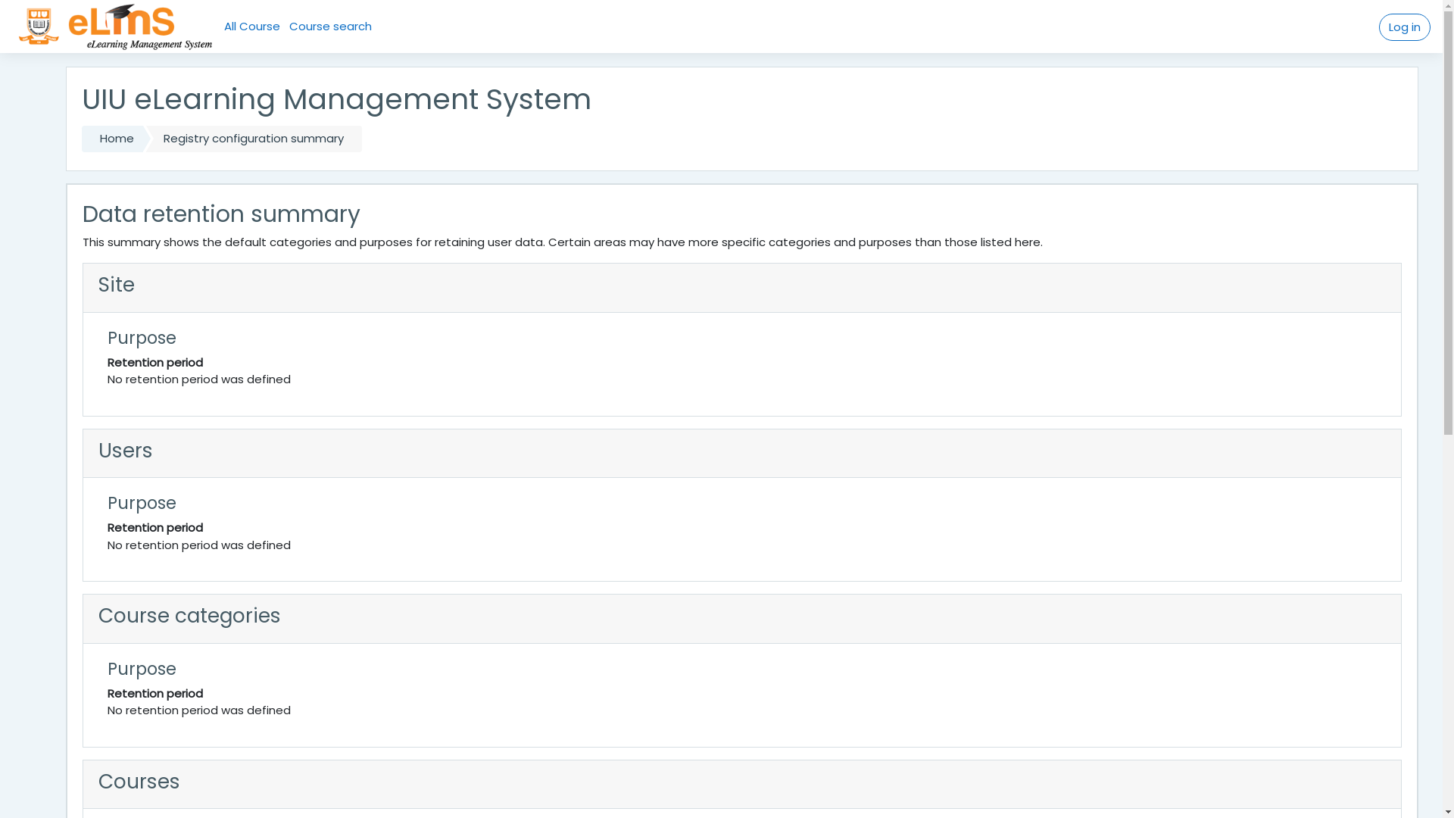 This screenshot has height=818, width=1454. Describe the element at coordinates (1378, 27) in the screenshot. I see `'Log in'` at that location.